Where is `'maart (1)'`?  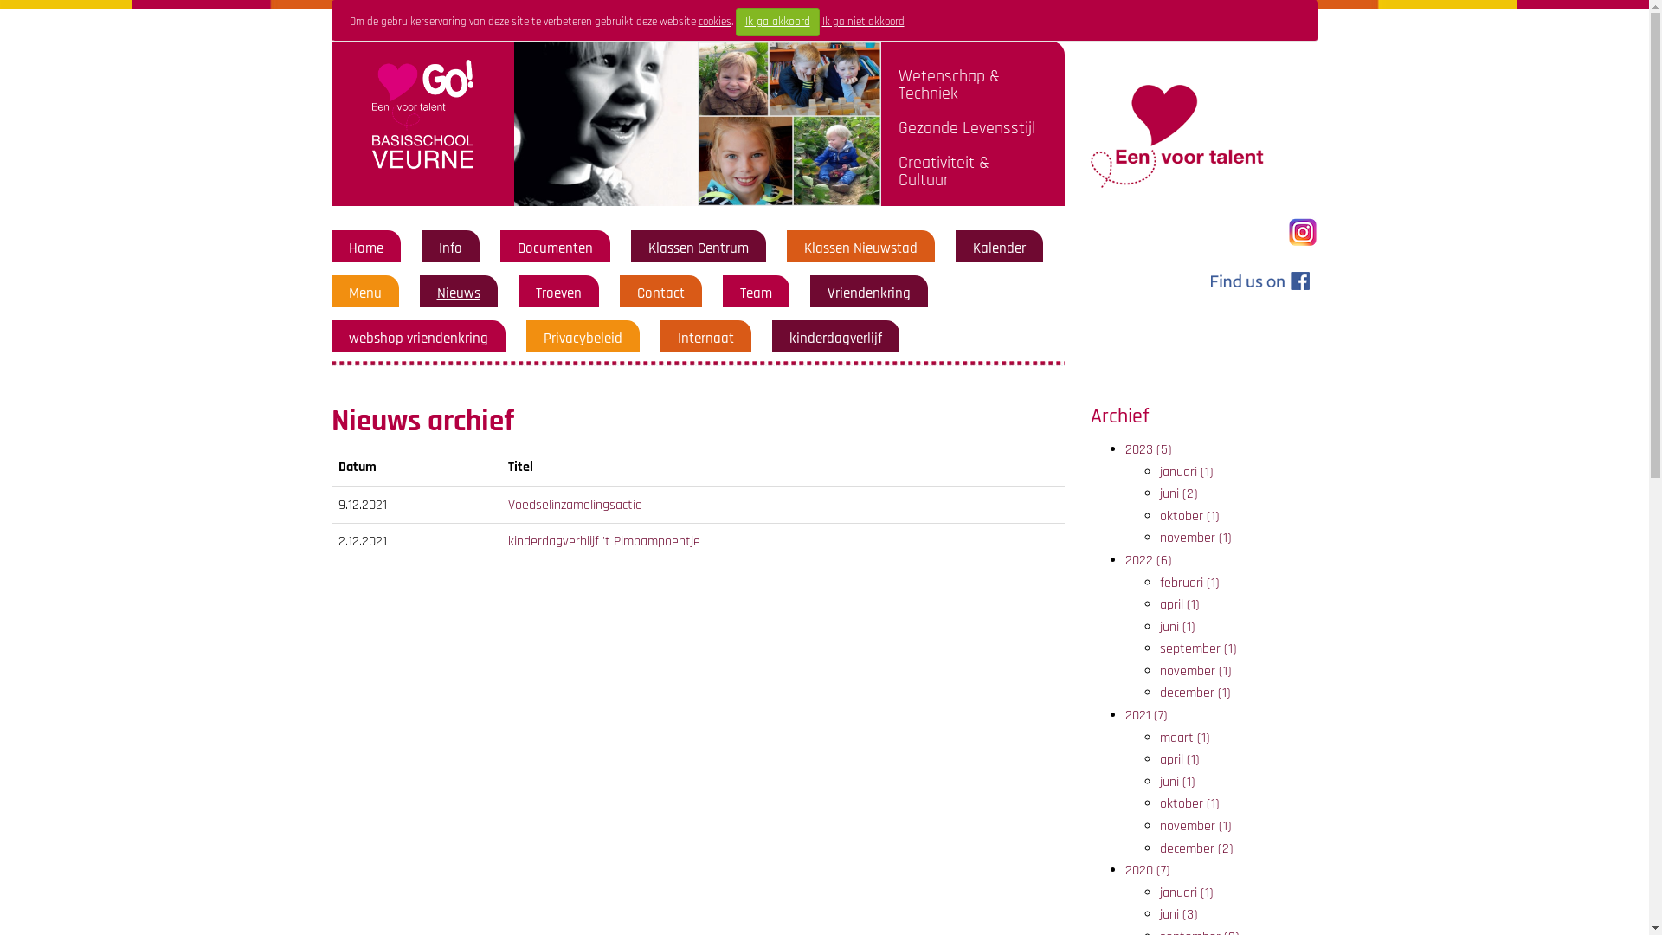 'maart (1)' is located at coordinates (1183, 738).